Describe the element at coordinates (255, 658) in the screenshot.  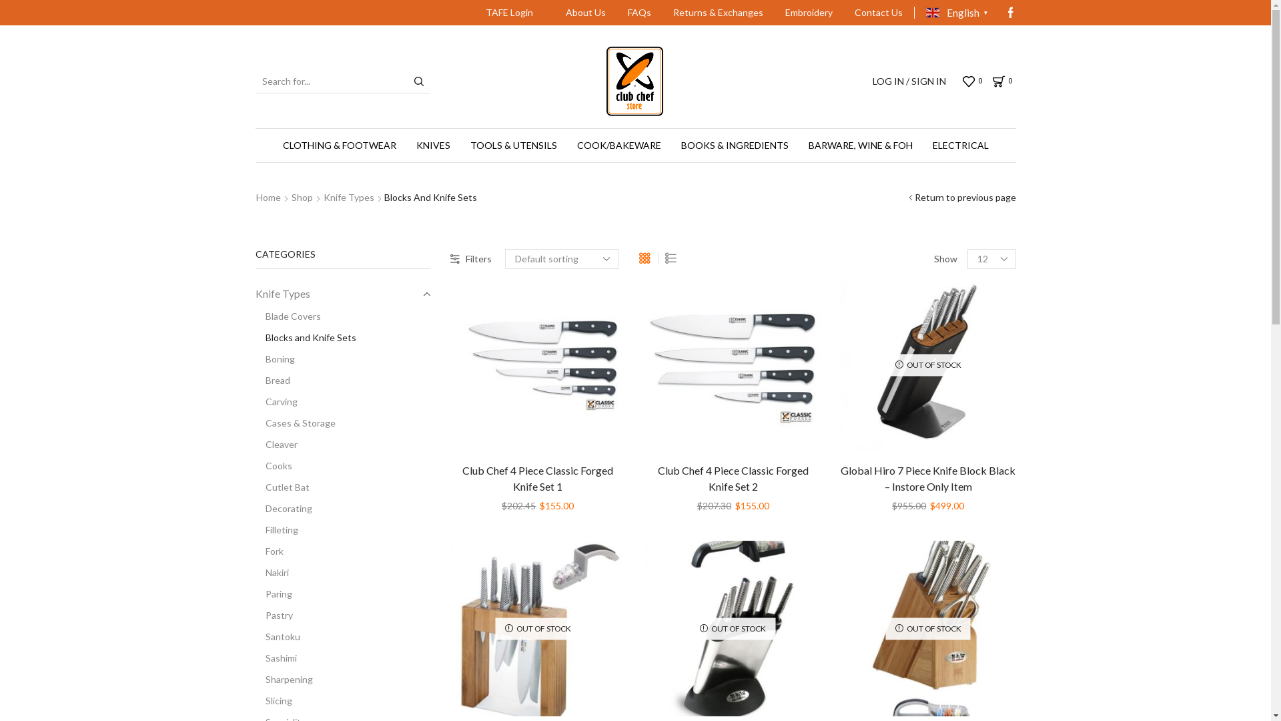
I see `'Sashimi'` at that location.